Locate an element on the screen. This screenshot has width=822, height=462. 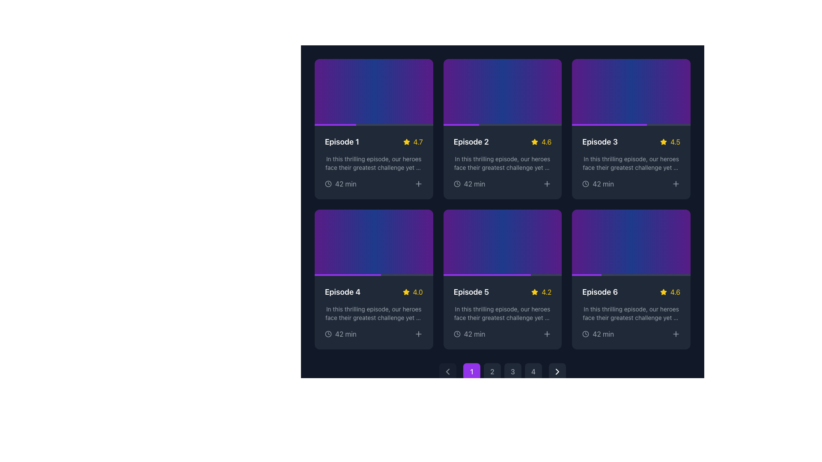
the button located in the bottom-right corner of the 'Episode 3' card to change its color is located at coordinates (676, 183).